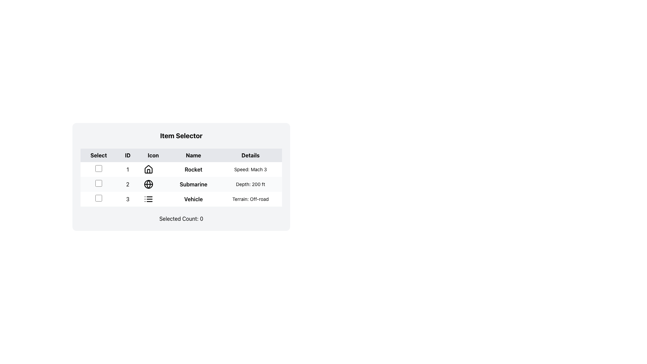 This screenshot has height=364, width=647. Describe the element at coordinates (250, 155) in the screenshot. I see `the Text Label in the table header that indicates the column for detailed information, located at the top-right corner of the header row` at that location.